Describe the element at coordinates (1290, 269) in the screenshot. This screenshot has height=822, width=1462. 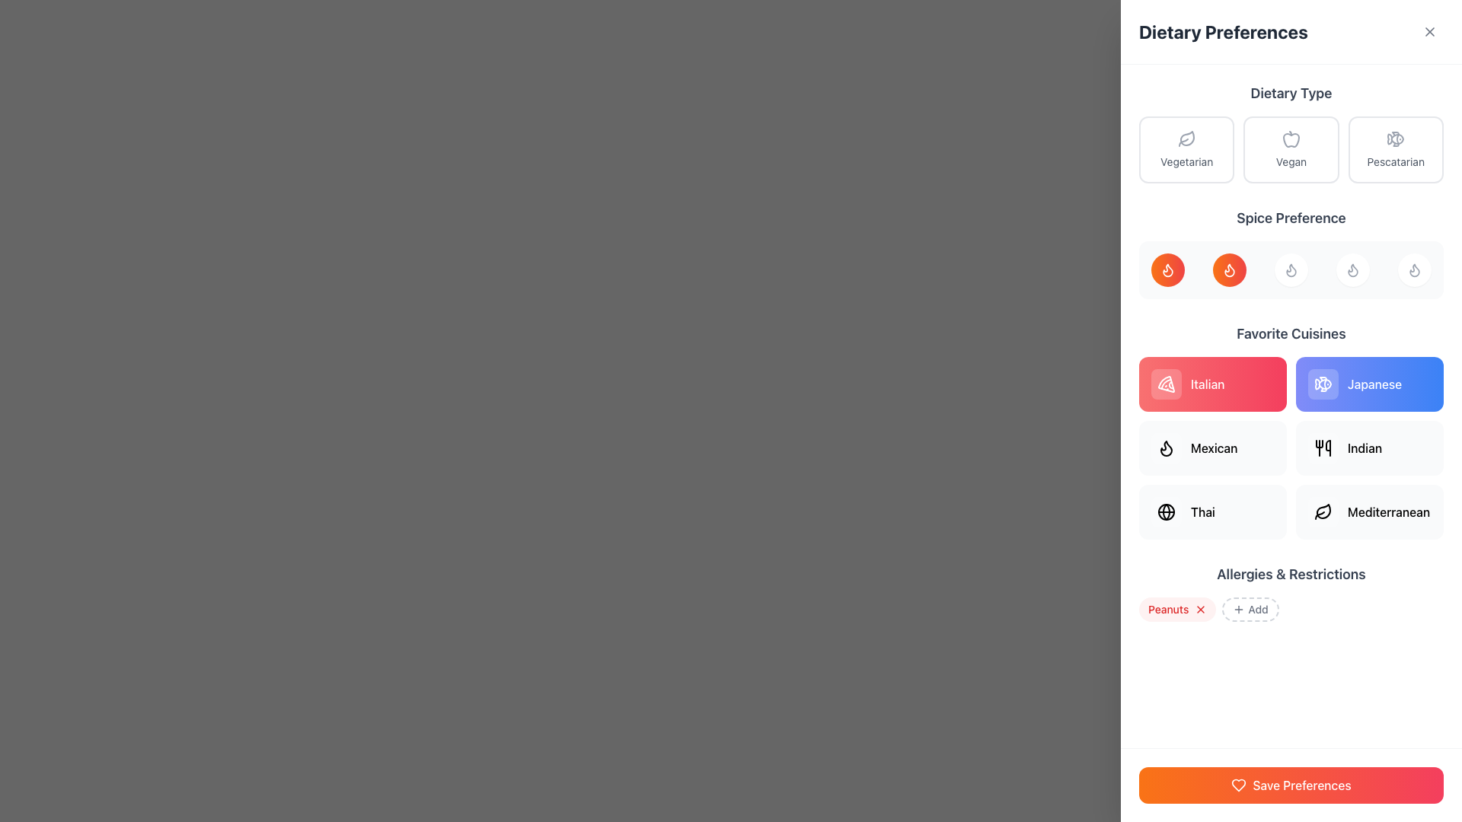
I see `the circular button with a white background and a gray flame icon, which is the third button from the left under the 'Spice Preference' header` at that location.